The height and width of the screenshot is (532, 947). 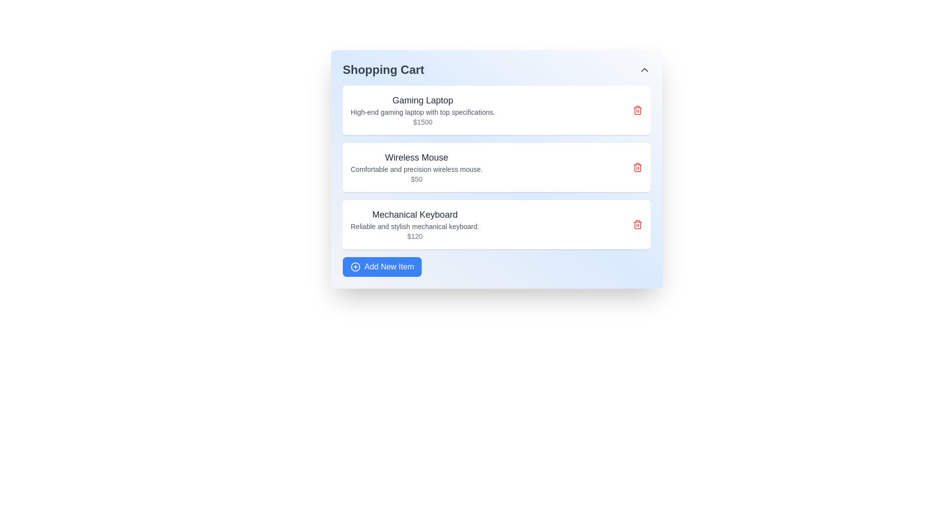 I want to click on the delete button located at the top-right corner of the 'Mechanical Keyboard' card, so click(x=637, y=224).